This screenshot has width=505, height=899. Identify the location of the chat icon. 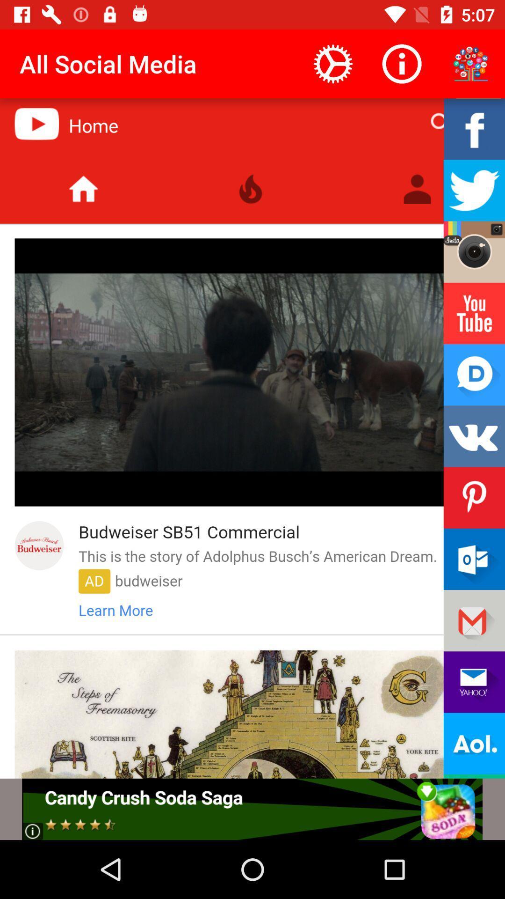
(474, 375).